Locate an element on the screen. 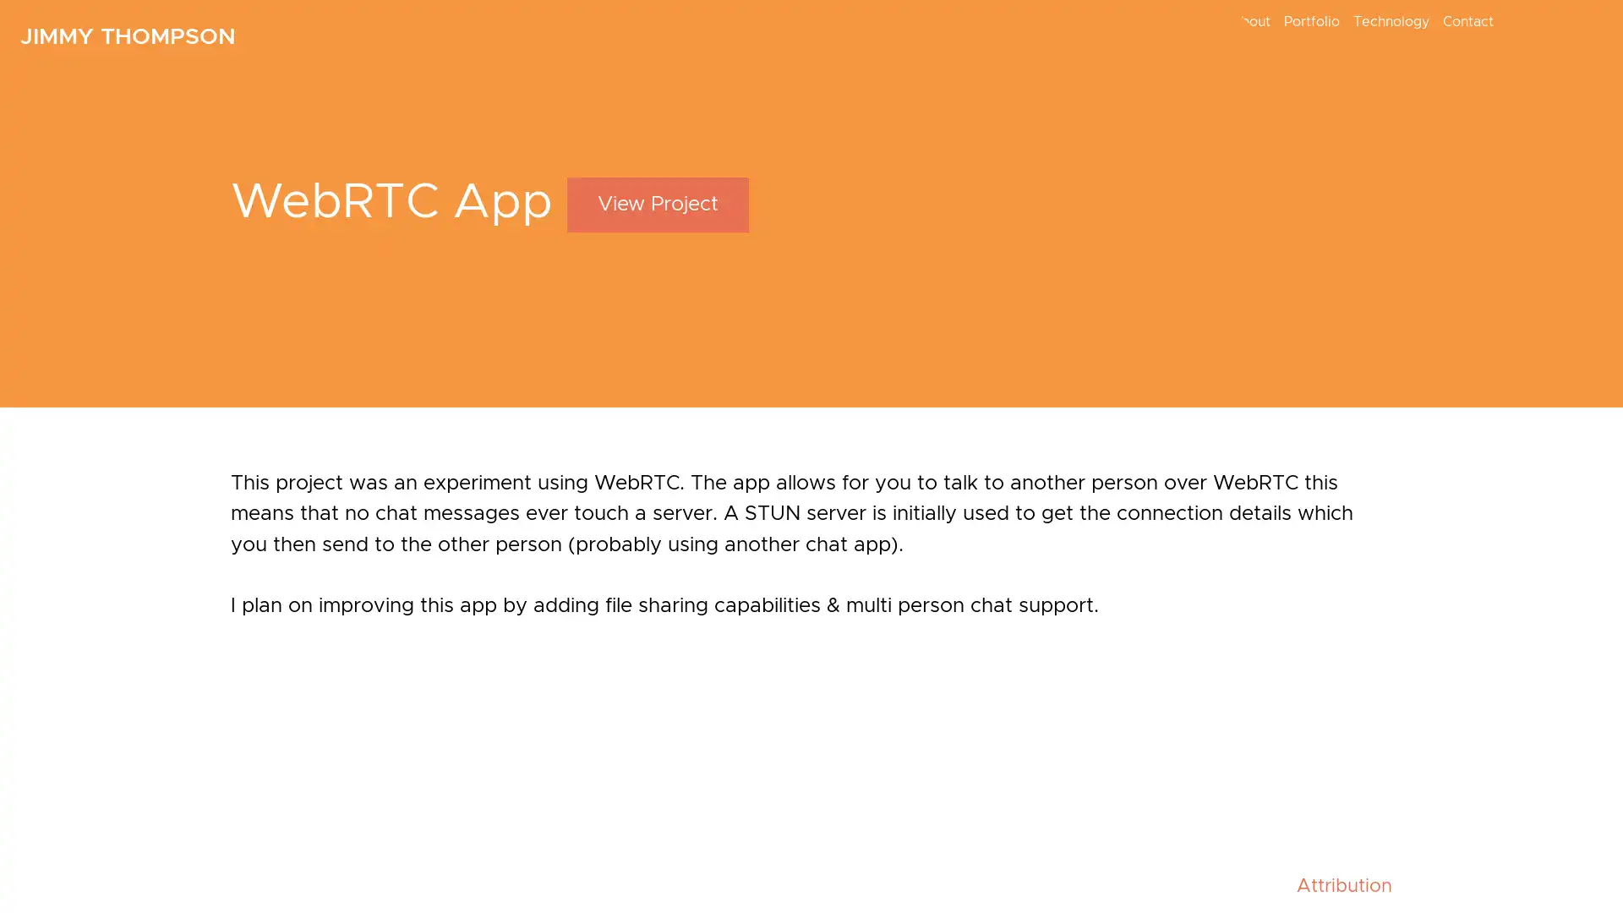 Image resolution: width=1623 pixels, height=913 pixels. Close is located at coordinates (1156, 429).